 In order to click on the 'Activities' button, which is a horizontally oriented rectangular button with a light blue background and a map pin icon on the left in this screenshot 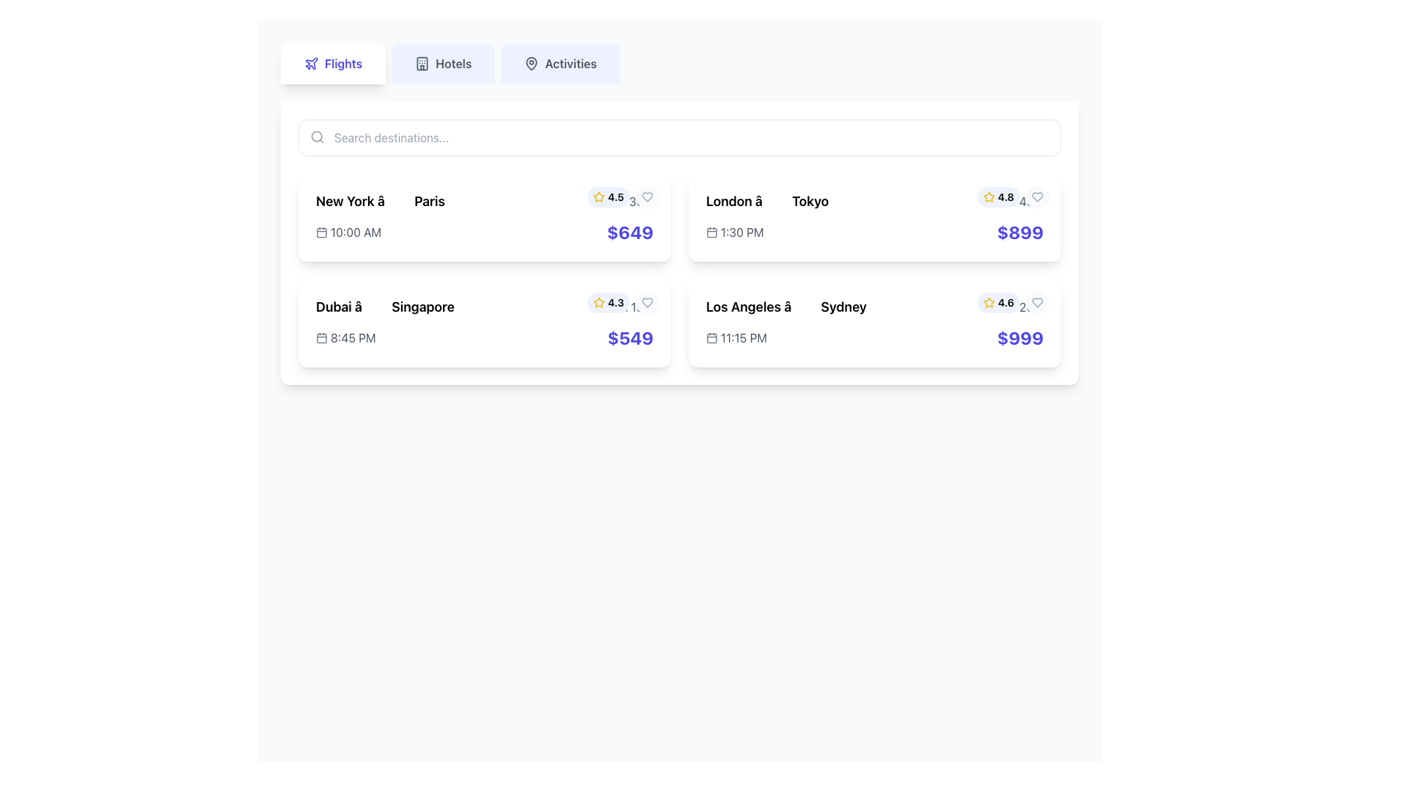, I will do `click(560, 63)`.